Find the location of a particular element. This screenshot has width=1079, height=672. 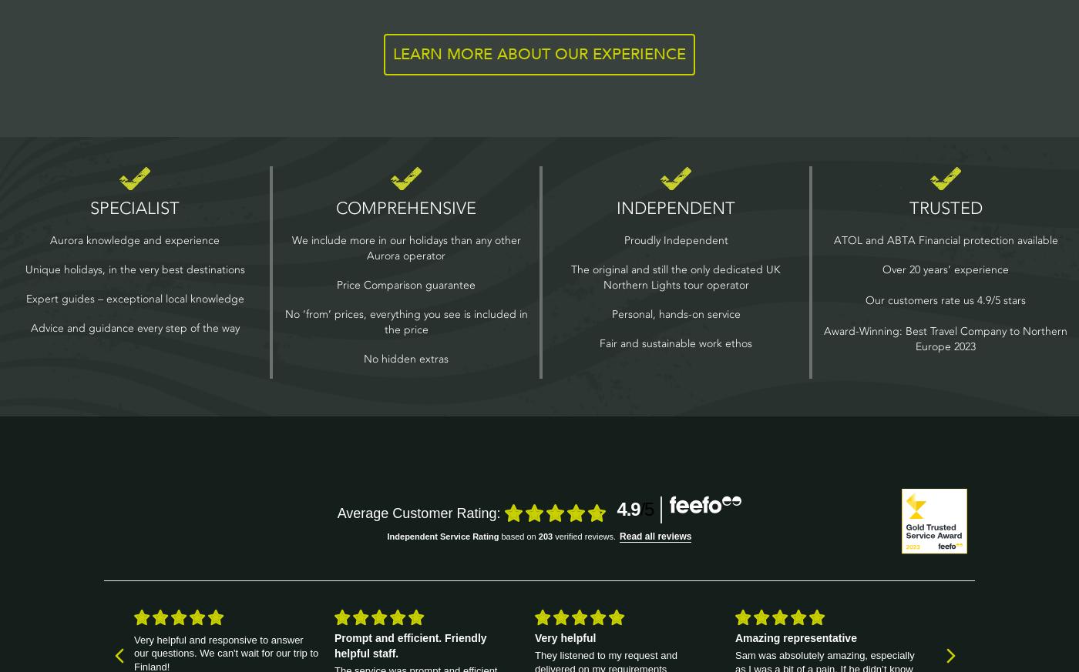

'Advice and guidance every step of the way' is located at coordinates (30, 326).